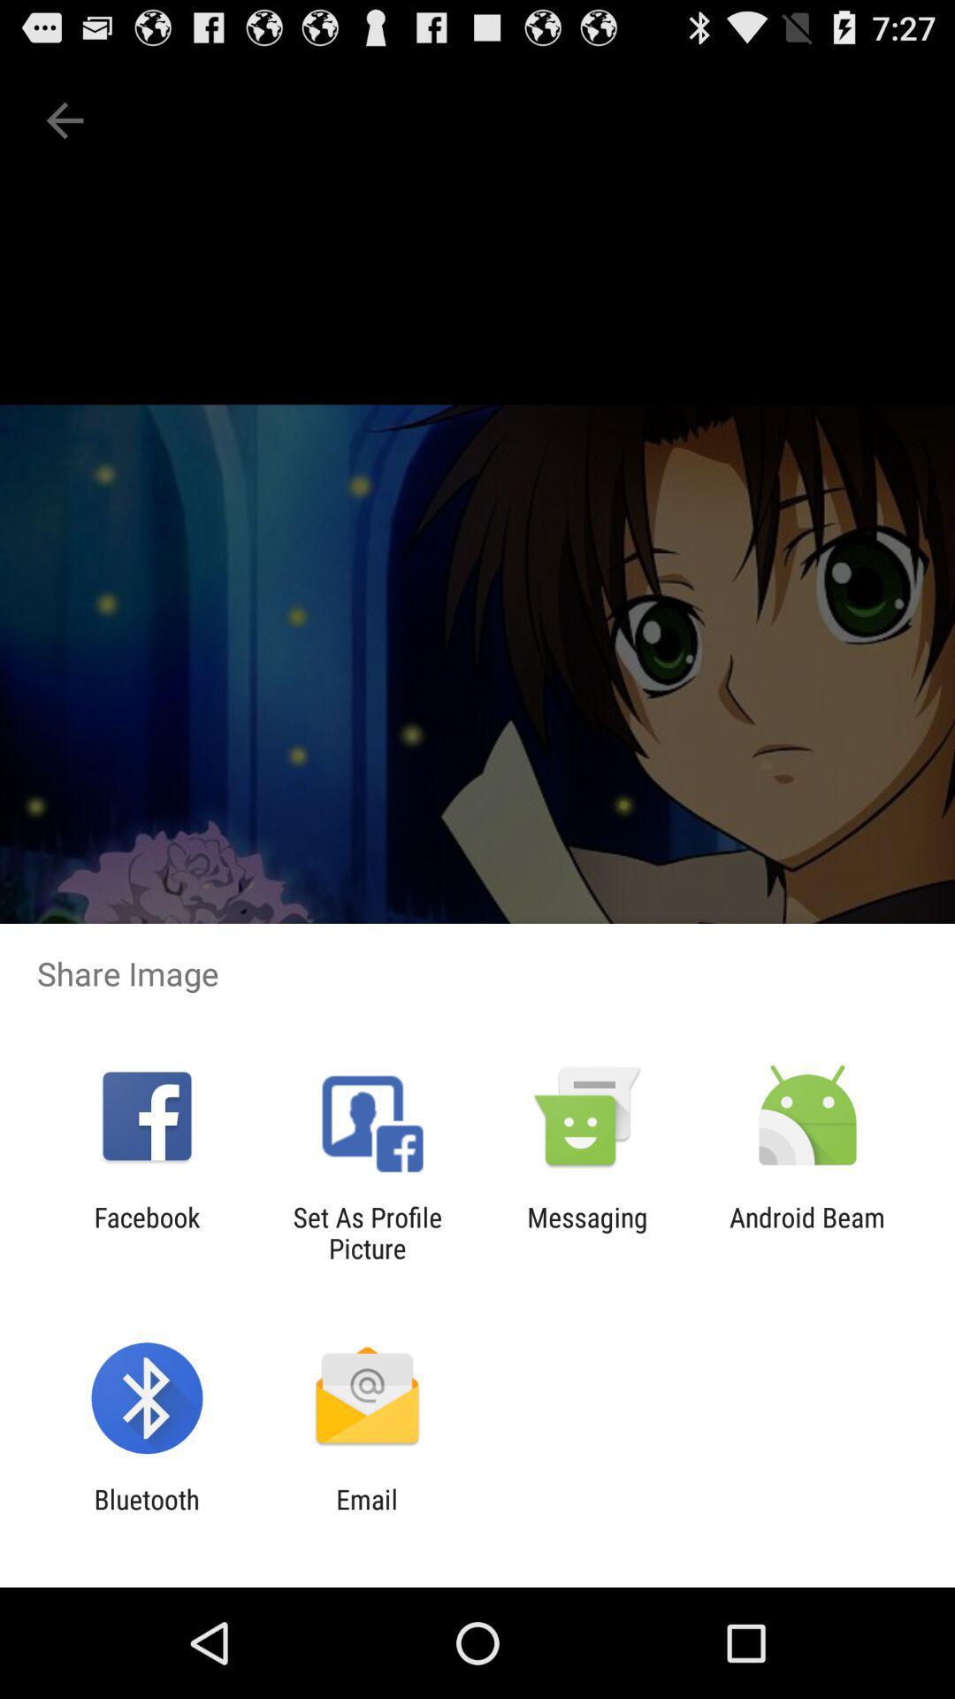  What do you see at coordinates (146, 1232) in the screenshot?
I see `facebook icon` at bounding box center [146, 1232].